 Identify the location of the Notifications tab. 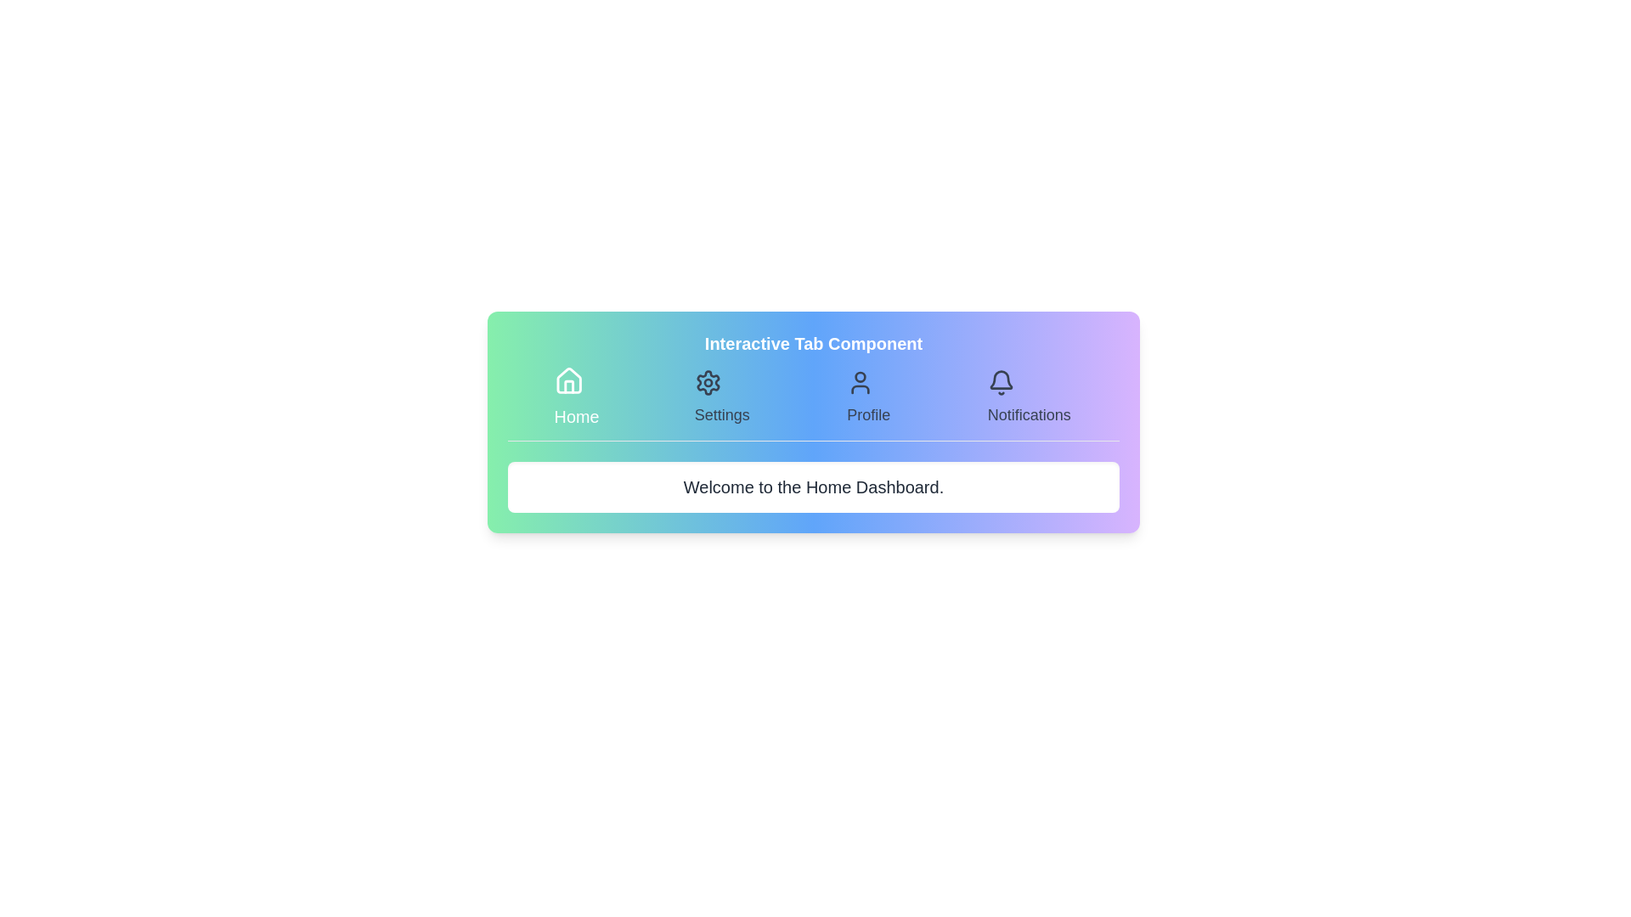
(1028, 398).